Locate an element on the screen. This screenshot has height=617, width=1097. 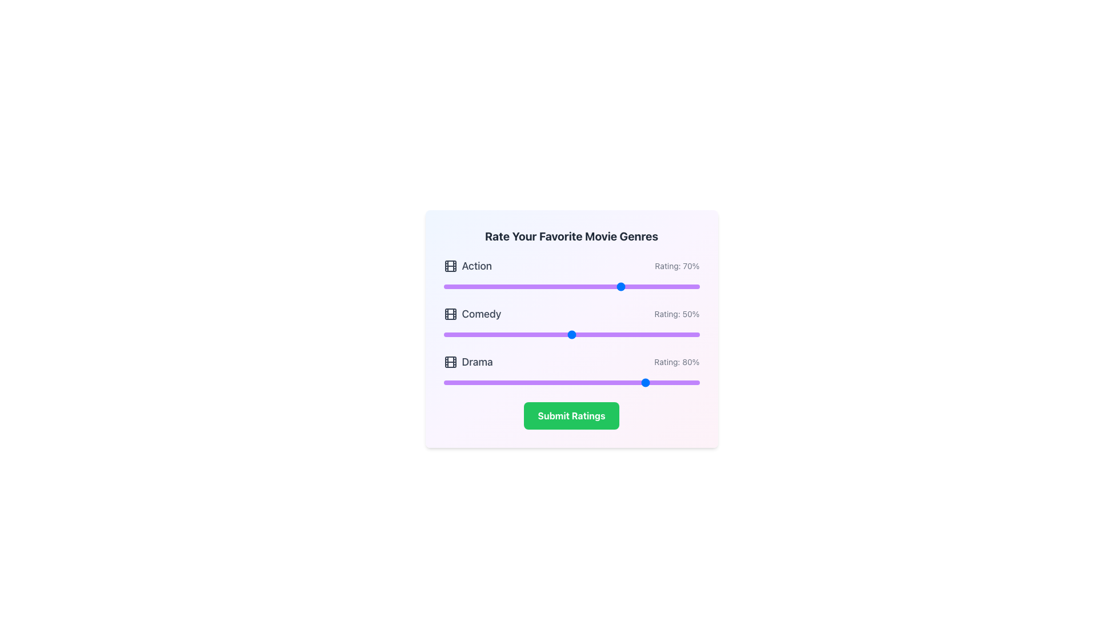
the 'Submit Ratings' button with a green background and white bold text located in the 'Rate Your Favorite Movie Genres' section is located at coordinates (571, 416).